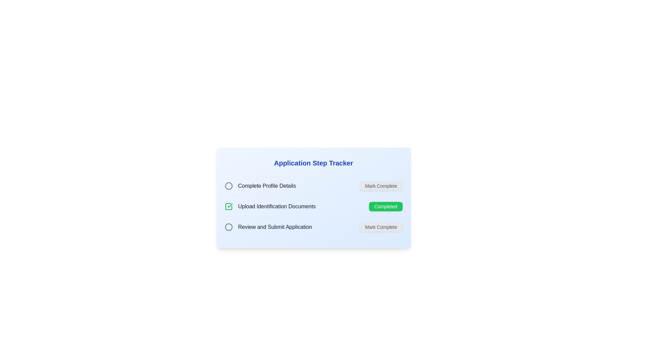  Describe the element at coordinates (228, 186) in the screenshot. I see `the circular icon styled as a hollow circle with a thin gray border, located to the left of the text 'Complete Profile Details'` at that location.